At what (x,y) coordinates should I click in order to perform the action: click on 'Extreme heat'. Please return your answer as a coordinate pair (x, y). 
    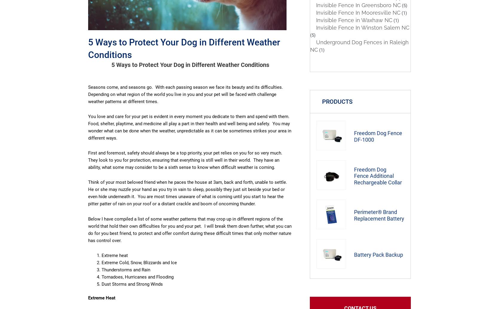
    Looking at the image, I should click on (114, 255).